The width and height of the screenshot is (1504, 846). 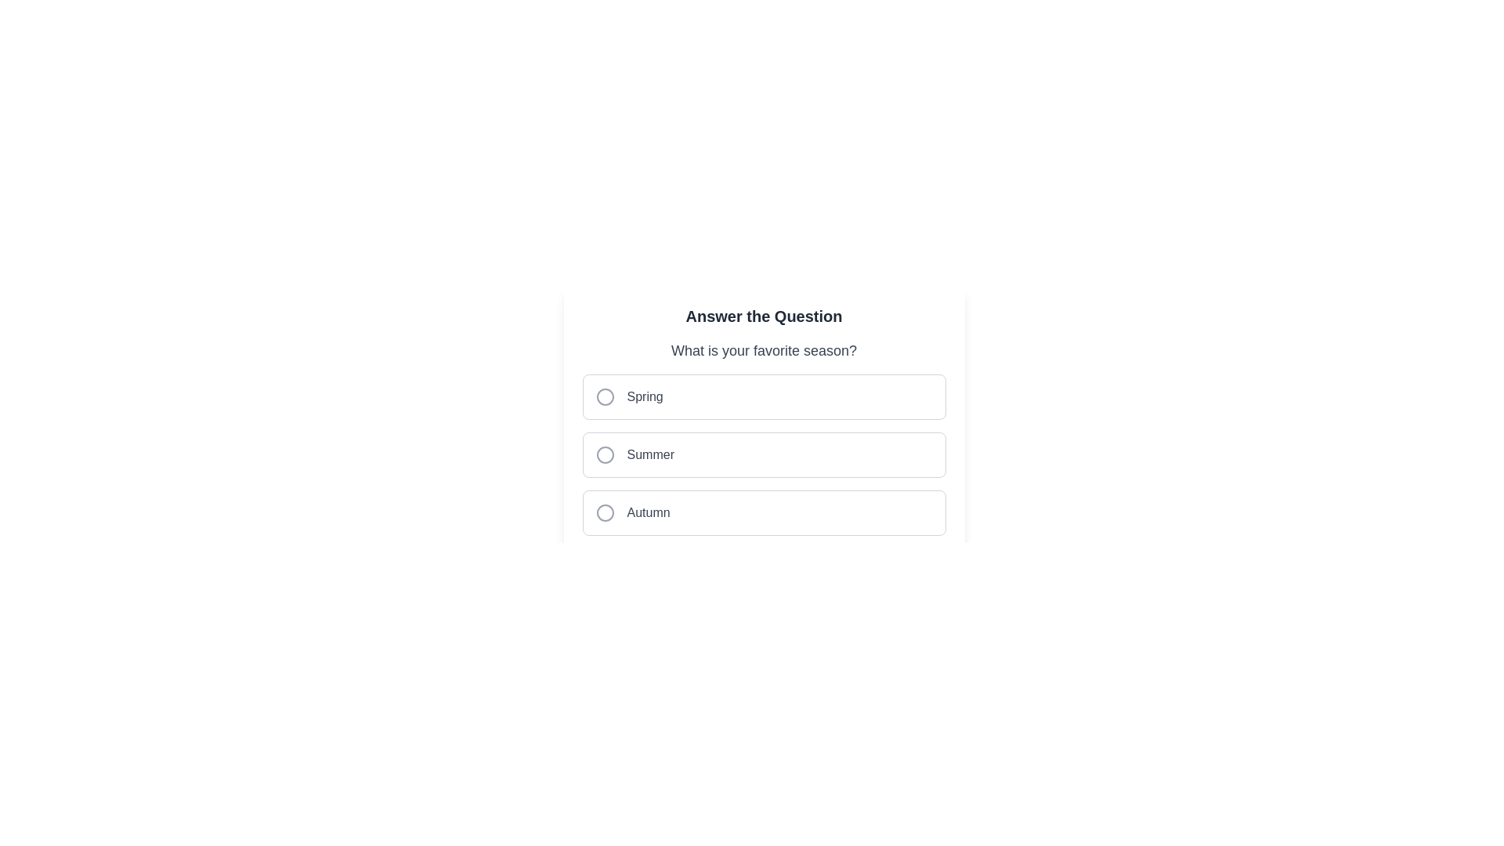 I want to click on the circular radio button indicator for the 'Autumn' option, so click(x=604, y=513).